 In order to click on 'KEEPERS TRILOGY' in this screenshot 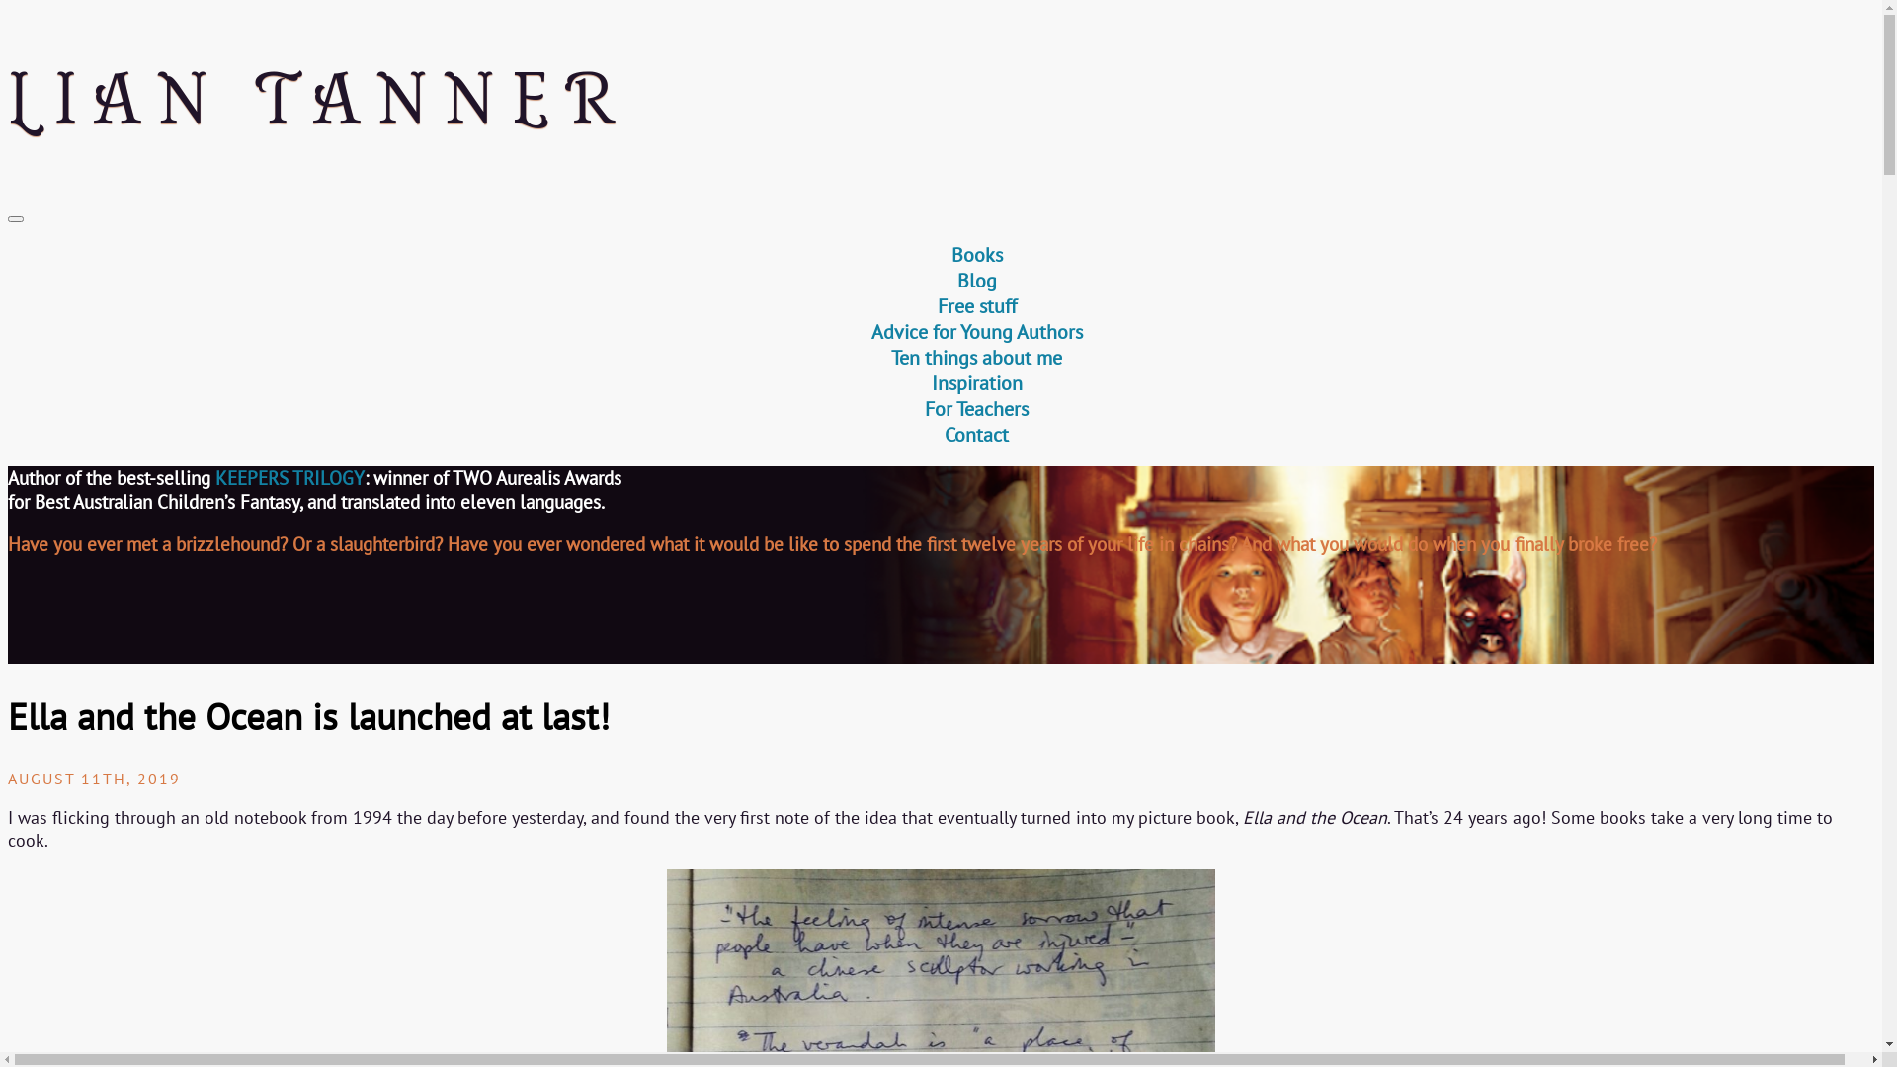, I will do `click(289, 477)`.